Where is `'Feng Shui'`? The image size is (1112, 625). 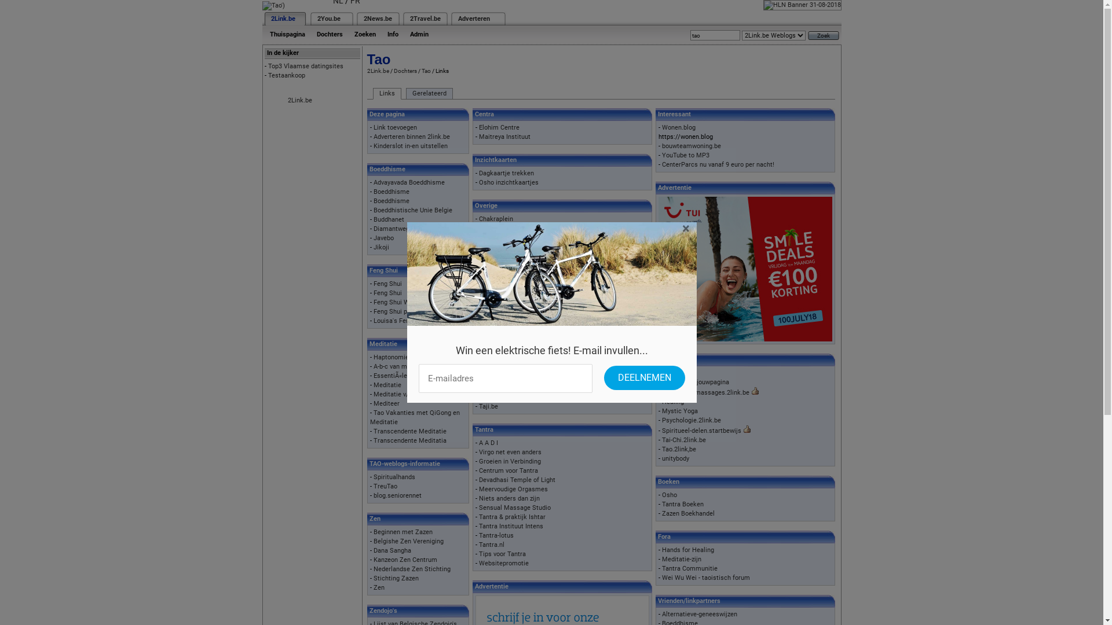
'Feng Shui' is located at coordinates (387, 292).